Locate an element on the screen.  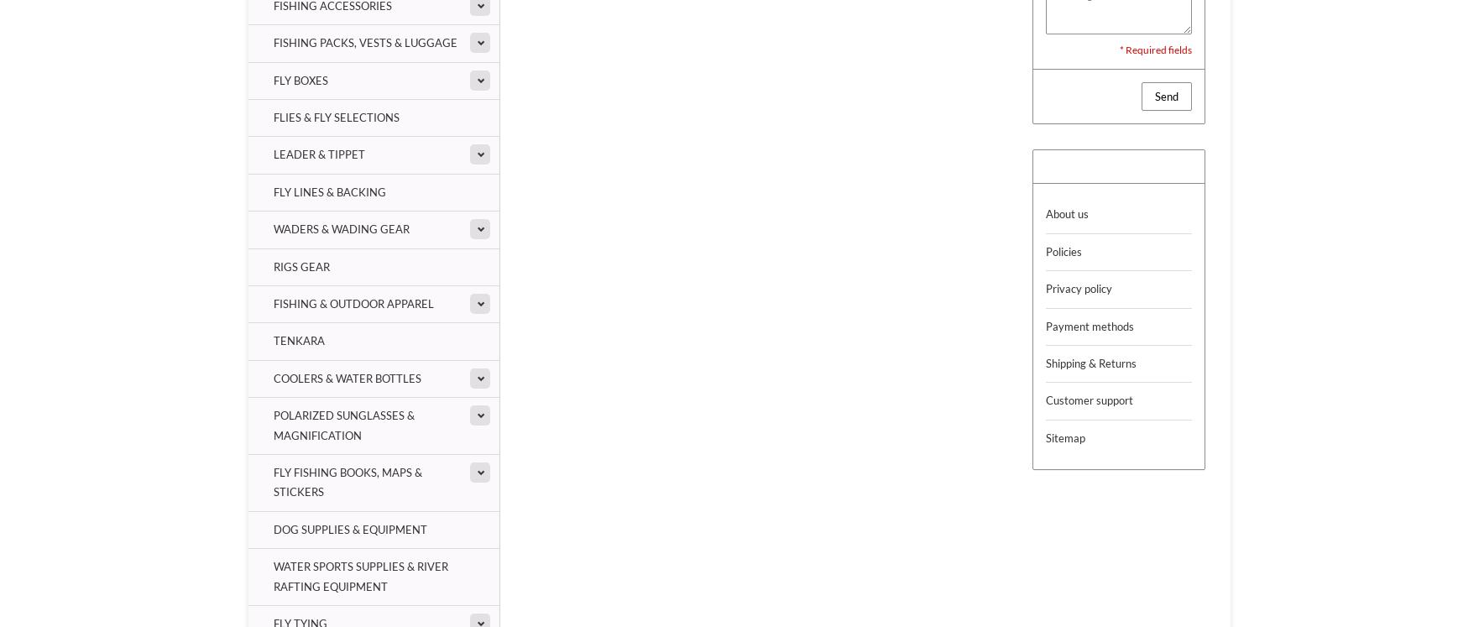
'Coolers & Water Bottles' is located at coordinates (348, 377).